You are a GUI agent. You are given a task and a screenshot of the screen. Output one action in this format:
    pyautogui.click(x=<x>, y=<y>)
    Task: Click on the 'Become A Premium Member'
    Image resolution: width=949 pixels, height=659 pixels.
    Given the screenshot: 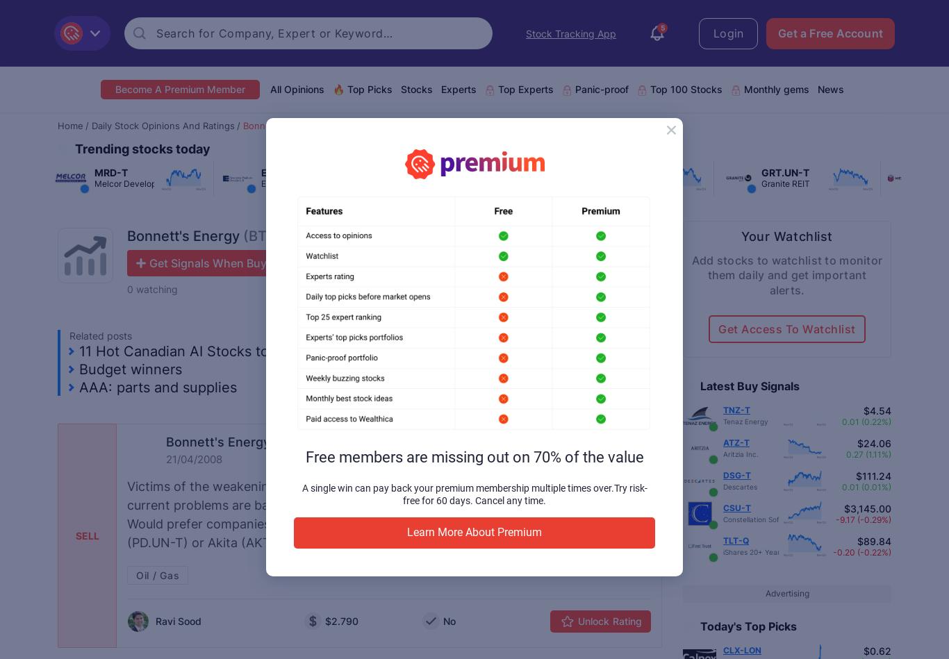 What is the action you would take?
    pyautogui.click(x=179, y=89)
    